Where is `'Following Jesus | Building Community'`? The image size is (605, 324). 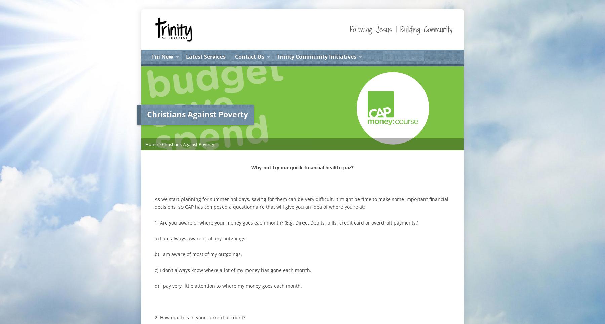 'Following Jesus | Building Community' is located at coordinates (401, 29).